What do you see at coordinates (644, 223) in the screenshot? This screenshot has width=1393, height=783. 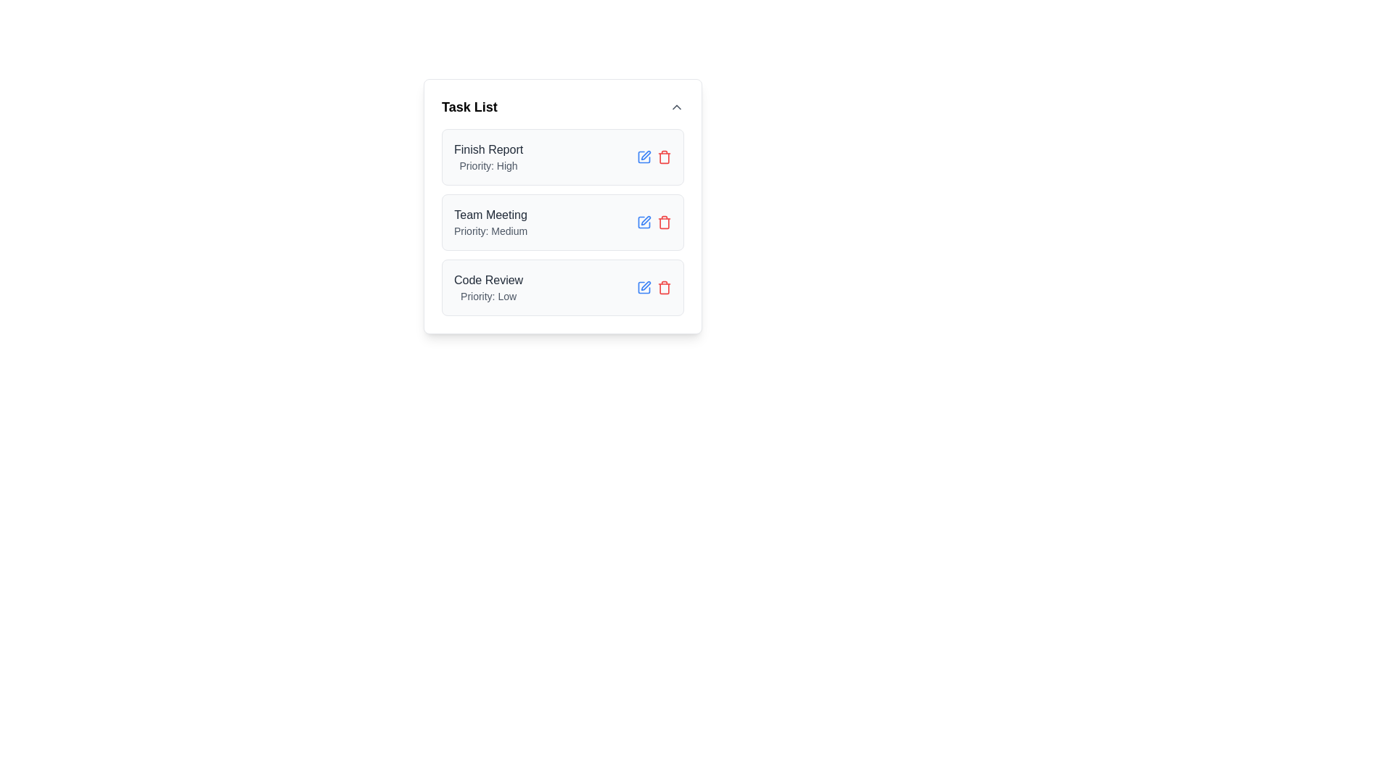 I see `the blue edit icon resembling a pencil located to the right of the 'Team Meeting' task item to trigger the hover effect and change its color` at bounding box center [644, 223].